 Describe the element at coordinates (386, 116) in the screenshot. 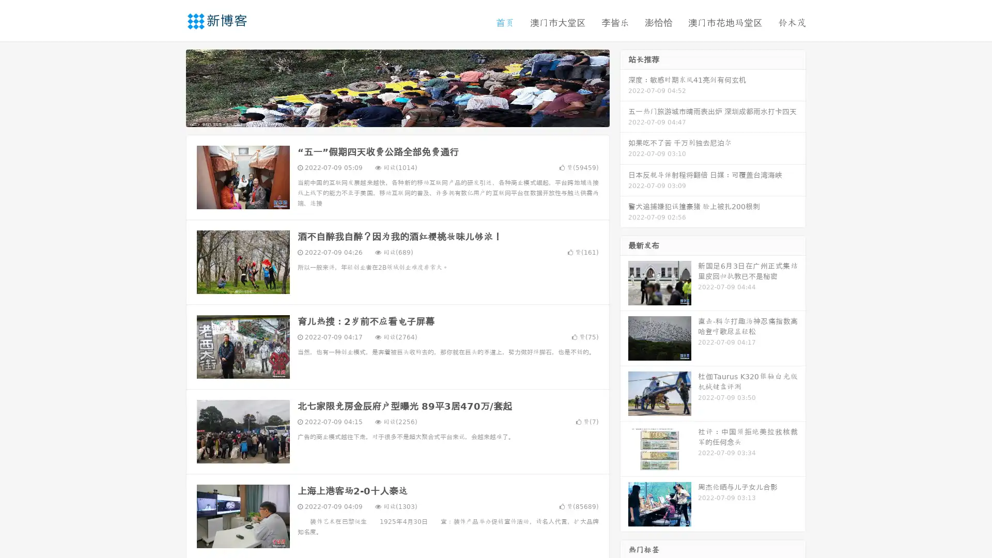

I see `Go to slide 1` at that location.